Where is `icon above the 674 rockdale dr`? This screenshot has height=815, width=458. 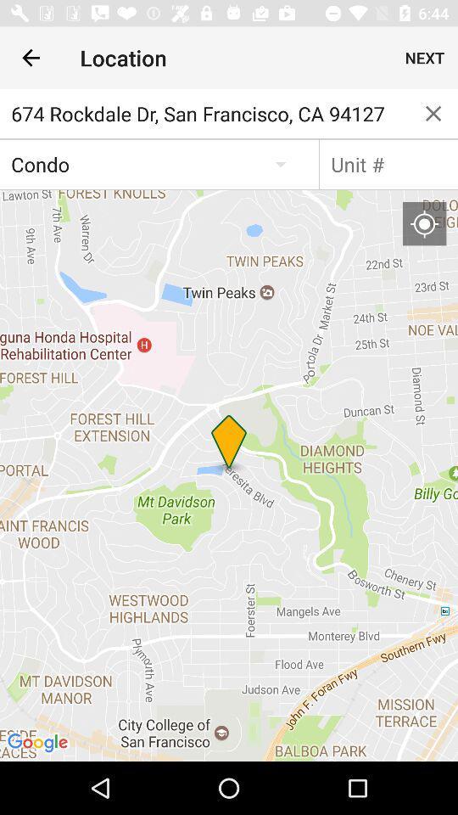 icon above the 674 rockdale dr is located at coordinates (31, 58).